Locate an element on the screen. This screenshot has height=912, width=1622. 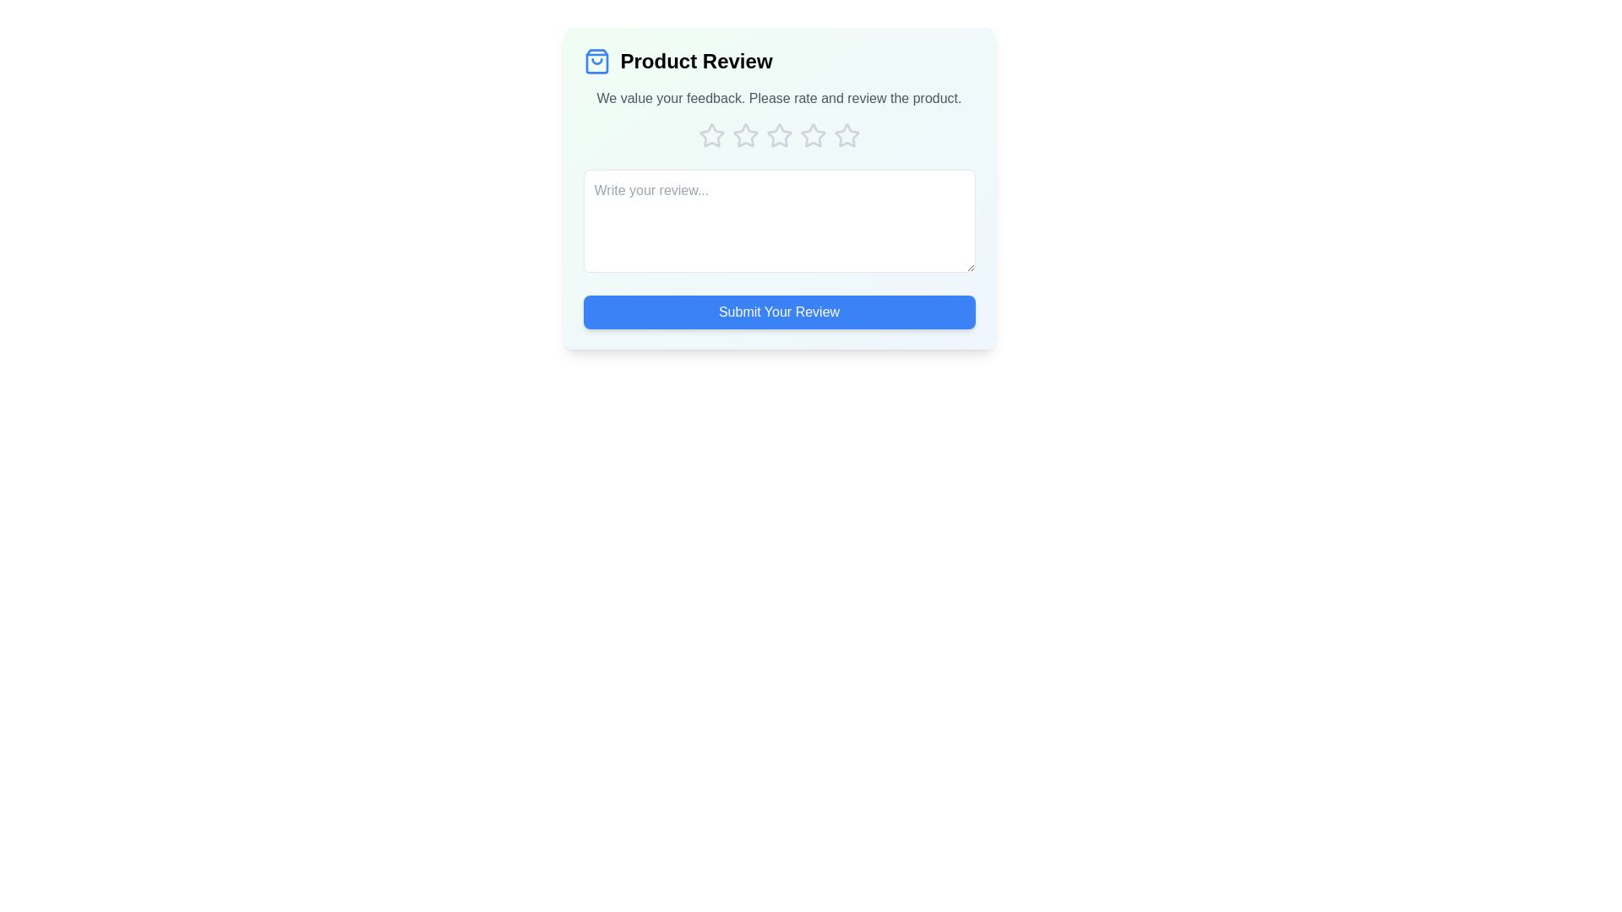
across the star rating component located in the 'Product Review' section is located at coordinates (778, 135).